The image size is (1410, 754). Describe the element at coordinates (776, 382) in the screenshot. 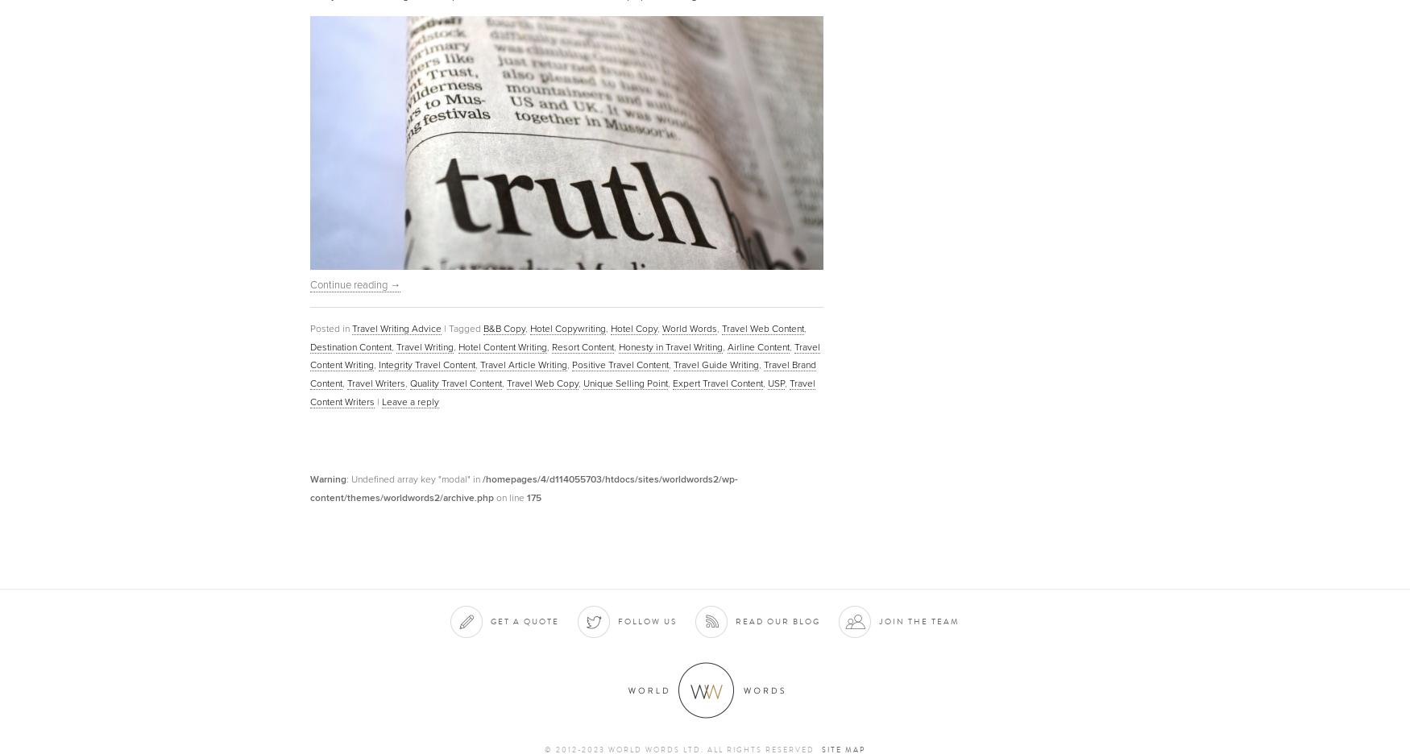

I see `'USP'` at that location.